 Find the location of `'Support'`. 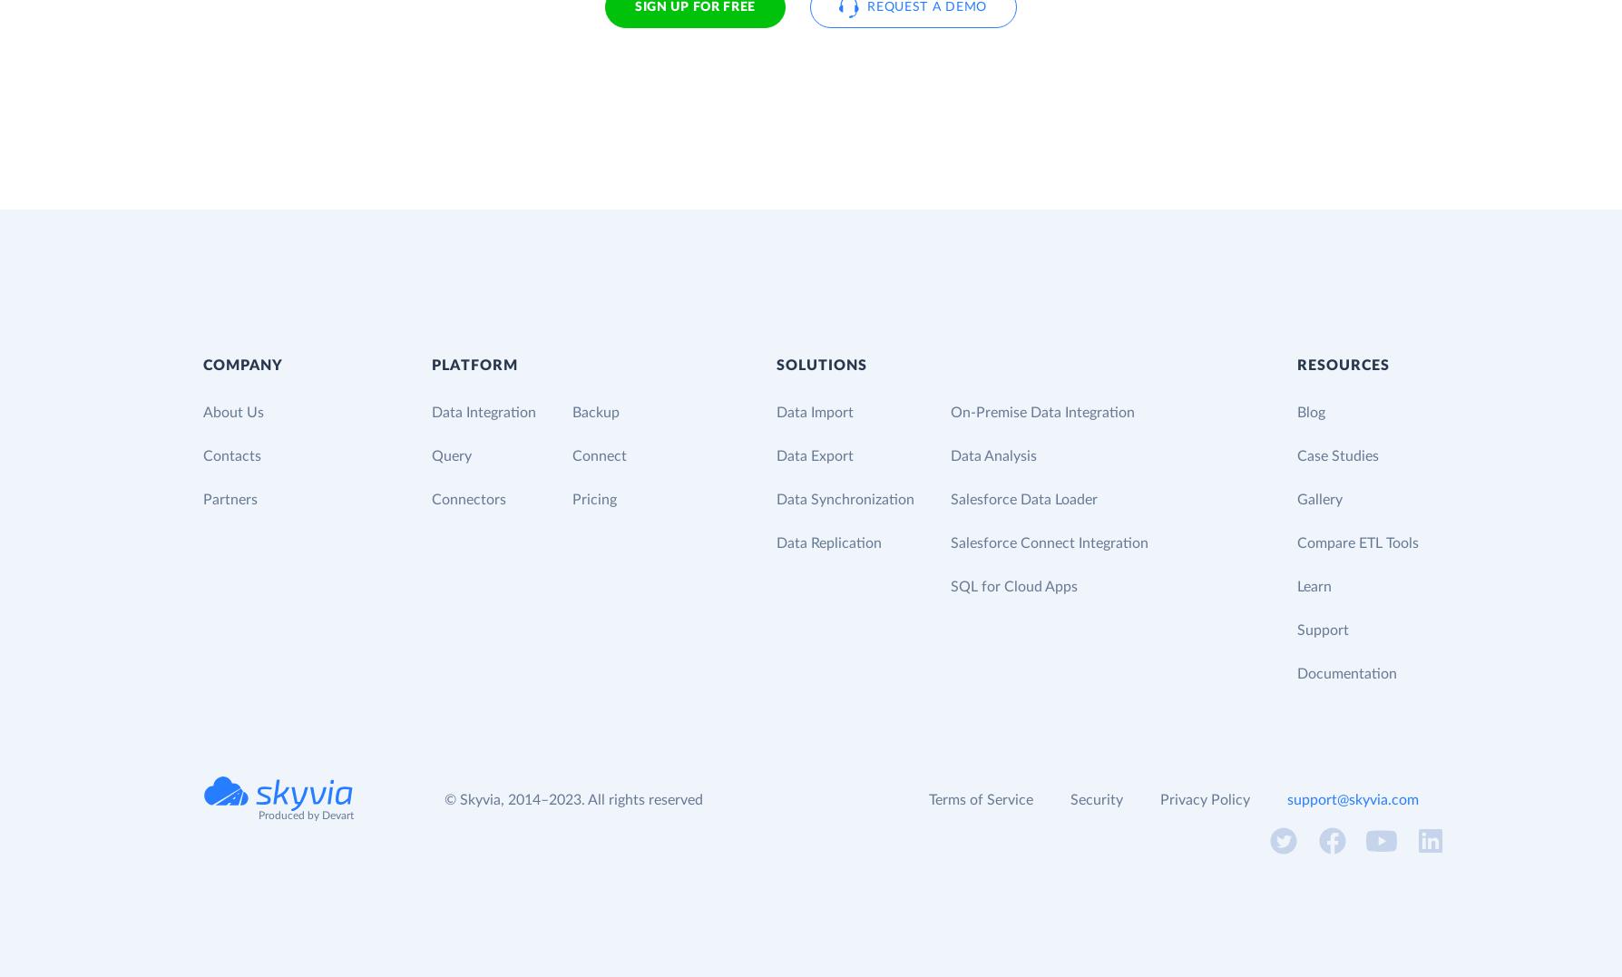

'Support' is located at coordinates (1322, 629).